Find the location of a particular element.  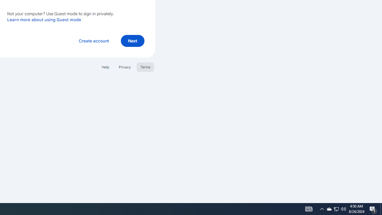

'Learn more about using Guest mode' is located at coordinates (44, 19).